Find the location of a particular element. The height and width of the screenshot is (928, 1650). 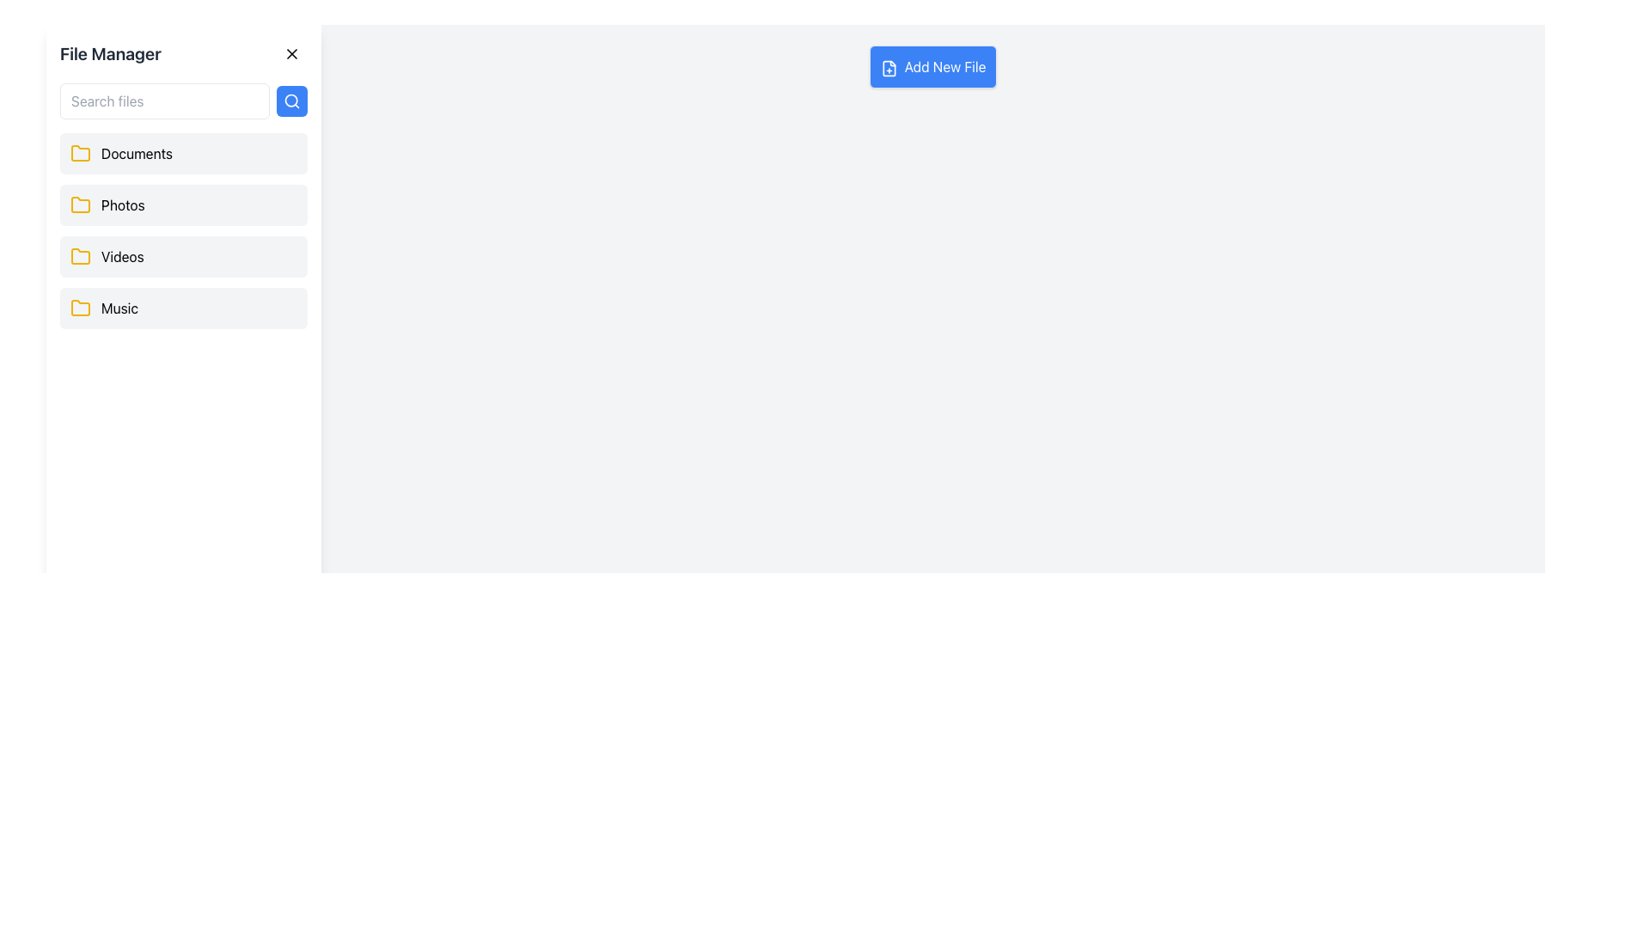

the 'Add New File' button with a blue background and white text to observe a visual change is located at coordinates (932, 65).